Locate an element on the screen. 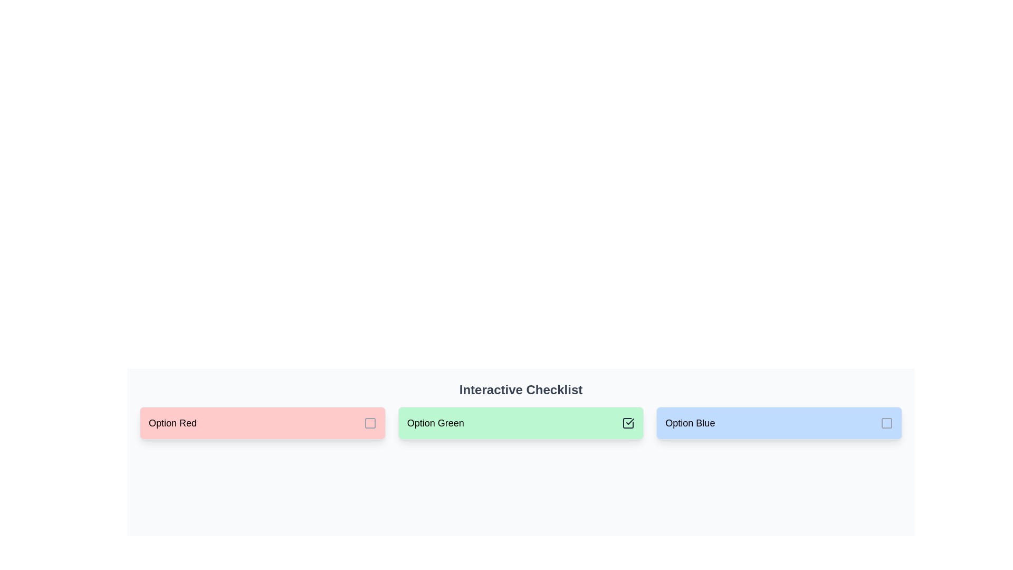 The width and height of the screenshot is (1013, 570). the second selectable option component in the checklist is located at coordinates (521, 423).